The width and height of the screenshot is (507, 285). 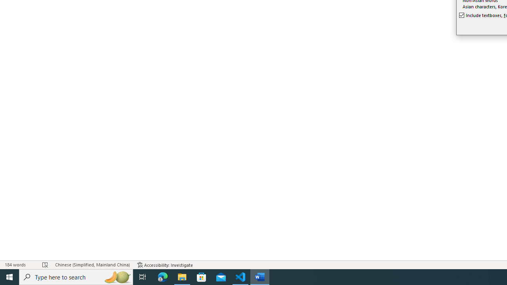 What do you see at coordinates (162, 276) in the screenshot?
I see `'Microsoft Edge'` at bounding box center [162, 276].